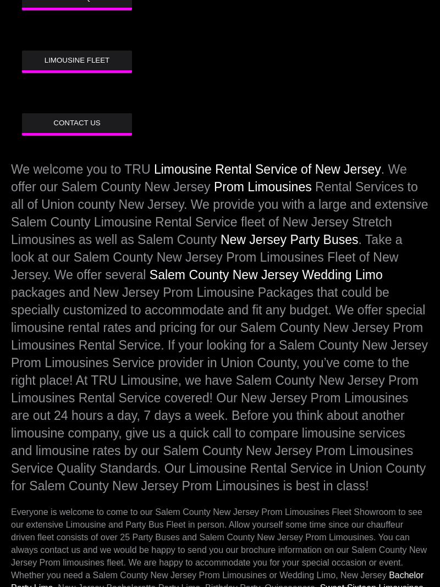  What do you see at coordinates (11, 257) in the screenshot?
I see `'. Take a look at our Salem County New Jersey Prom Limousines Fleet of New Jersey. We offer several'` at bounding box center [11, 257].